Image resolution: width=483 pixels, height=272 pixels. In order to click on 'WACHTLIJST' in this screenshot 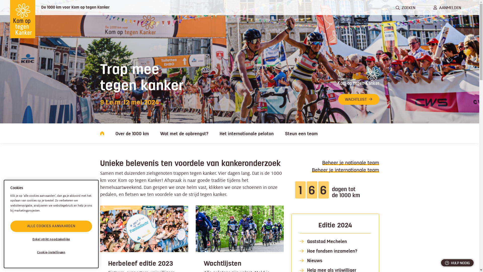, I will do `click(358, 99)`.